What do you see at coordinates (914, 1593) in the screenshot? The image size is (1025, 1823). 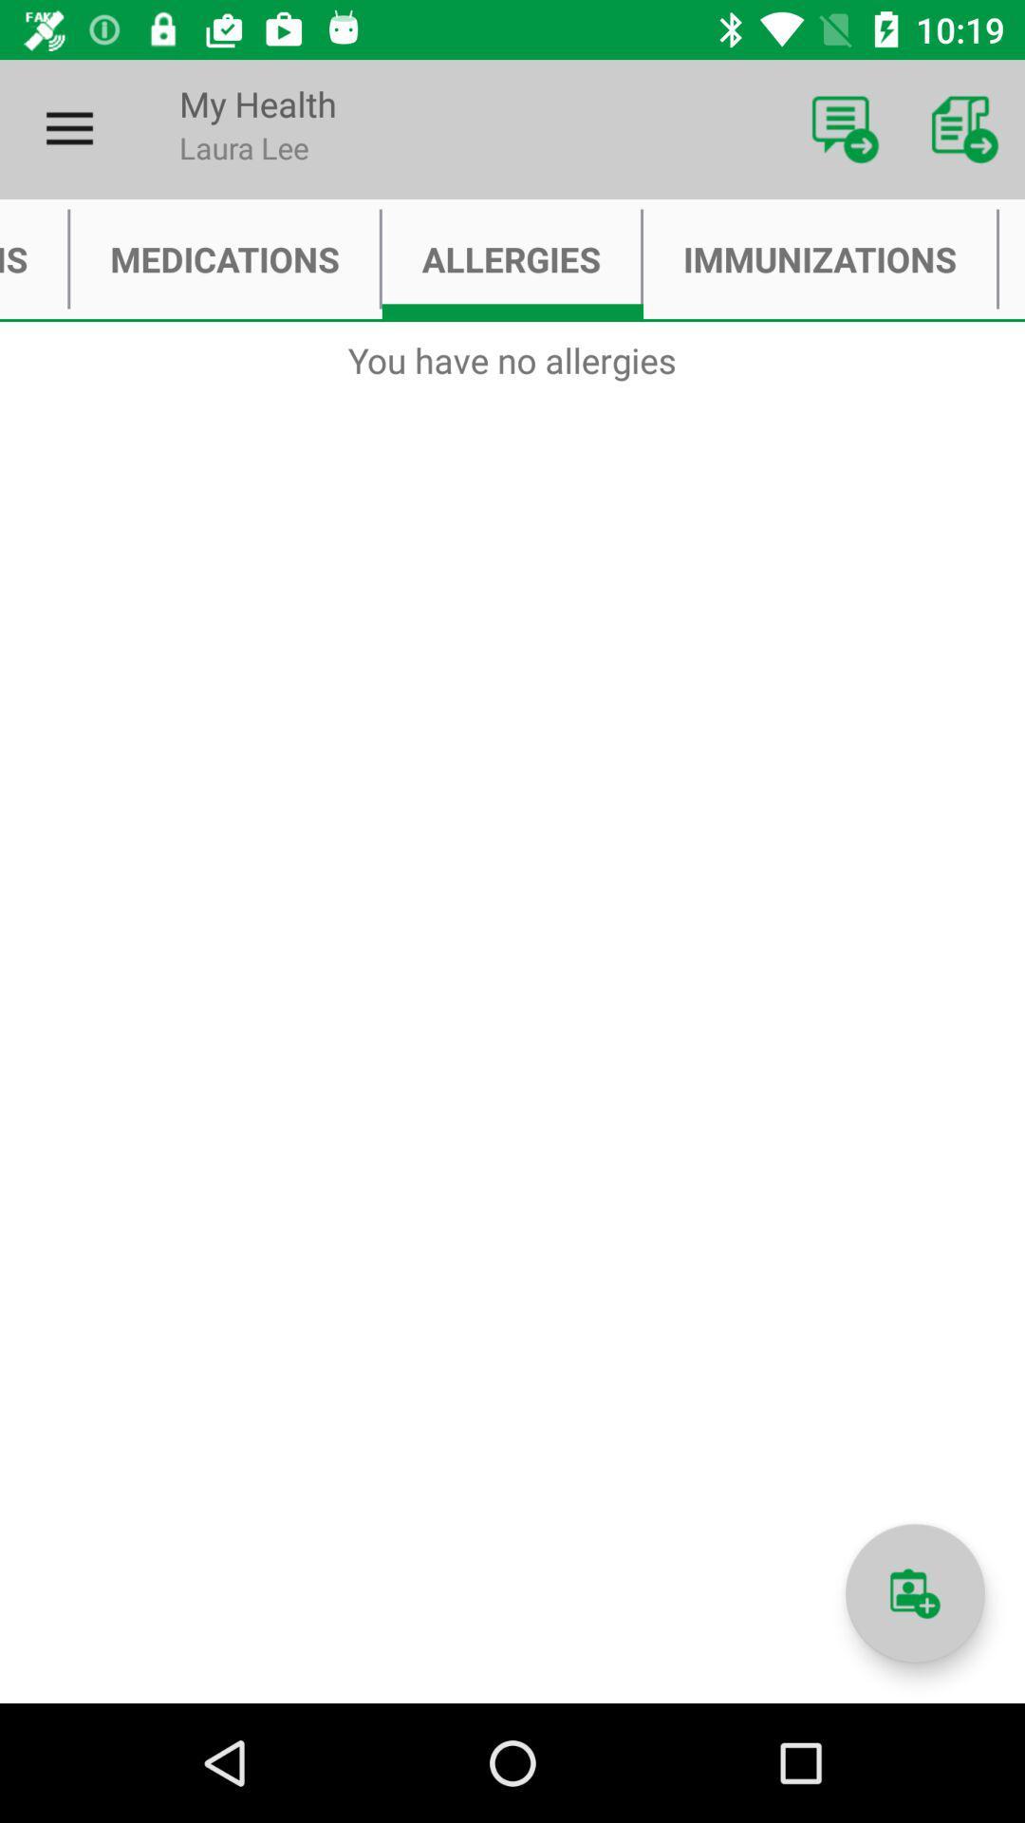 I see `item` at bounding box center [914, 1593].